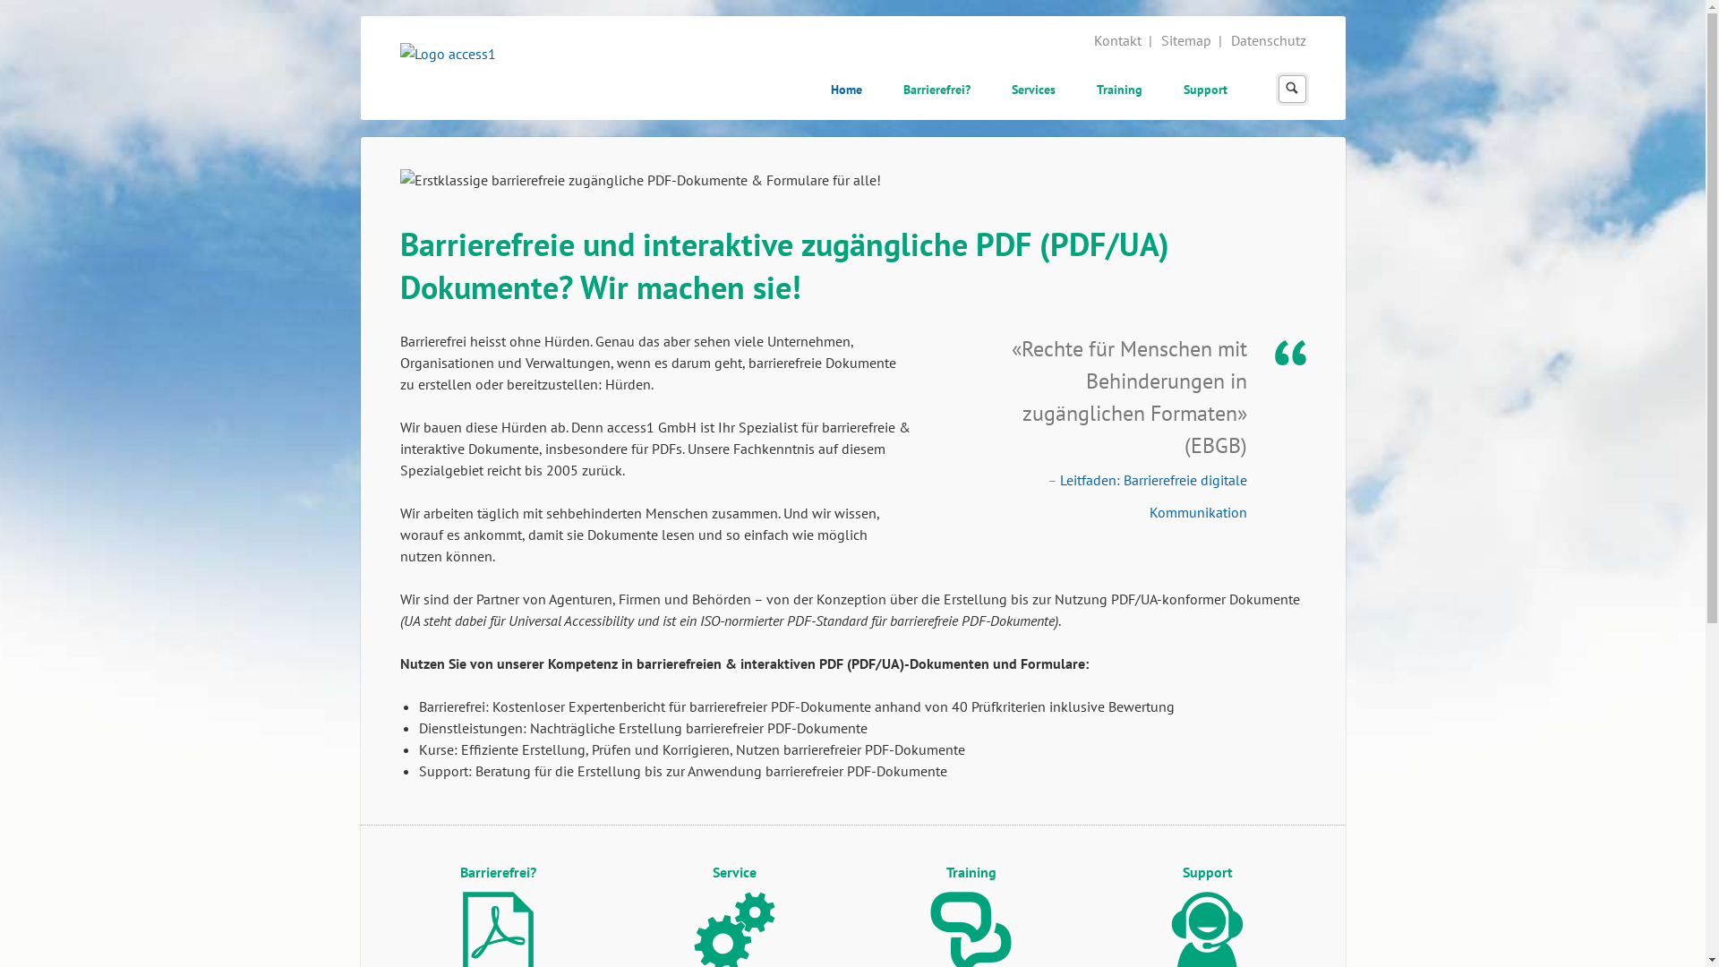 This screenshot has width=1719, height=967. I want to click on 'Kontakt  |', so click(1124, 40).